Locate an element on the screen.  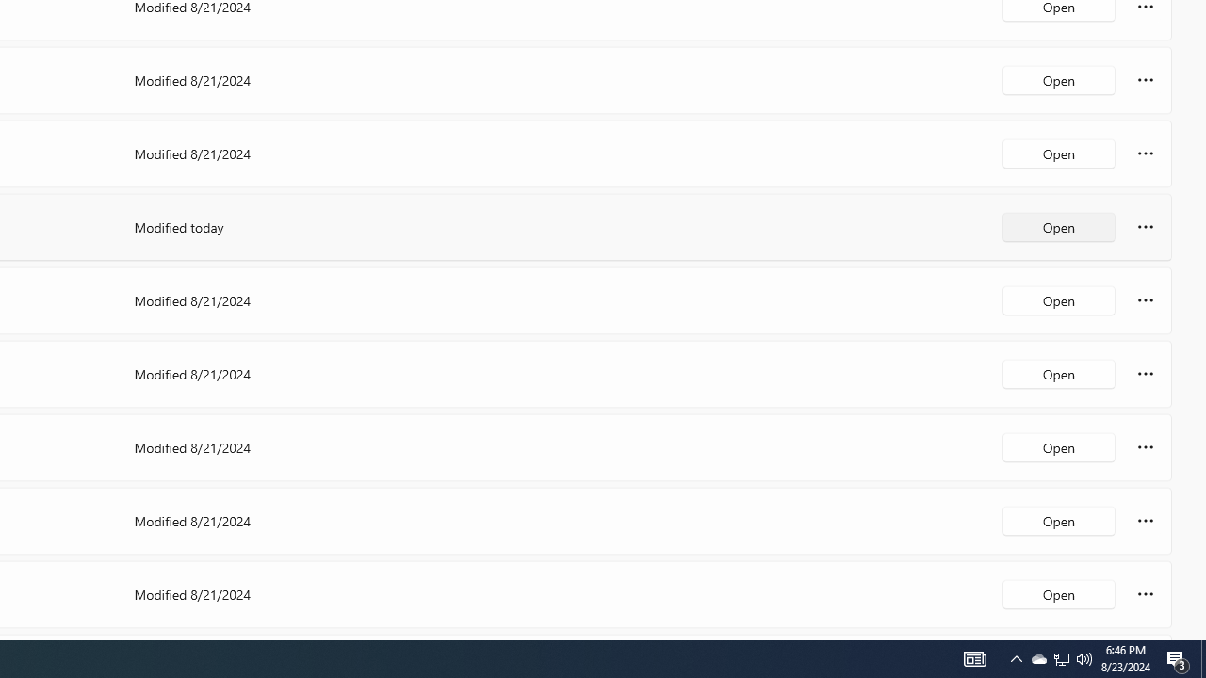
'Vertical Small Increase' is located at coordinates (1198, 633).